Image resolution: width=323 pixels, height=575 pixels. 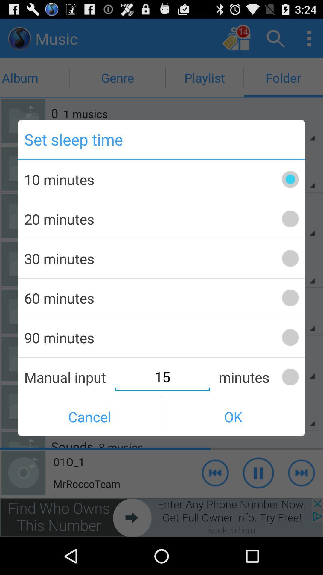 What do you see at coordinates (290, 377) in the screenshot?
I see `manual minutes button on` at bounding box center [290, 377].